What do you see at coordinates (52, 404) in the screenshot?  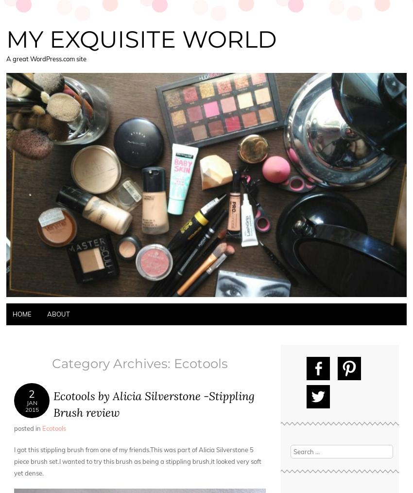 I see `'Ecotools by Alicia Silverstone -Stippling Brush review'` at bounding box center [52, 404].